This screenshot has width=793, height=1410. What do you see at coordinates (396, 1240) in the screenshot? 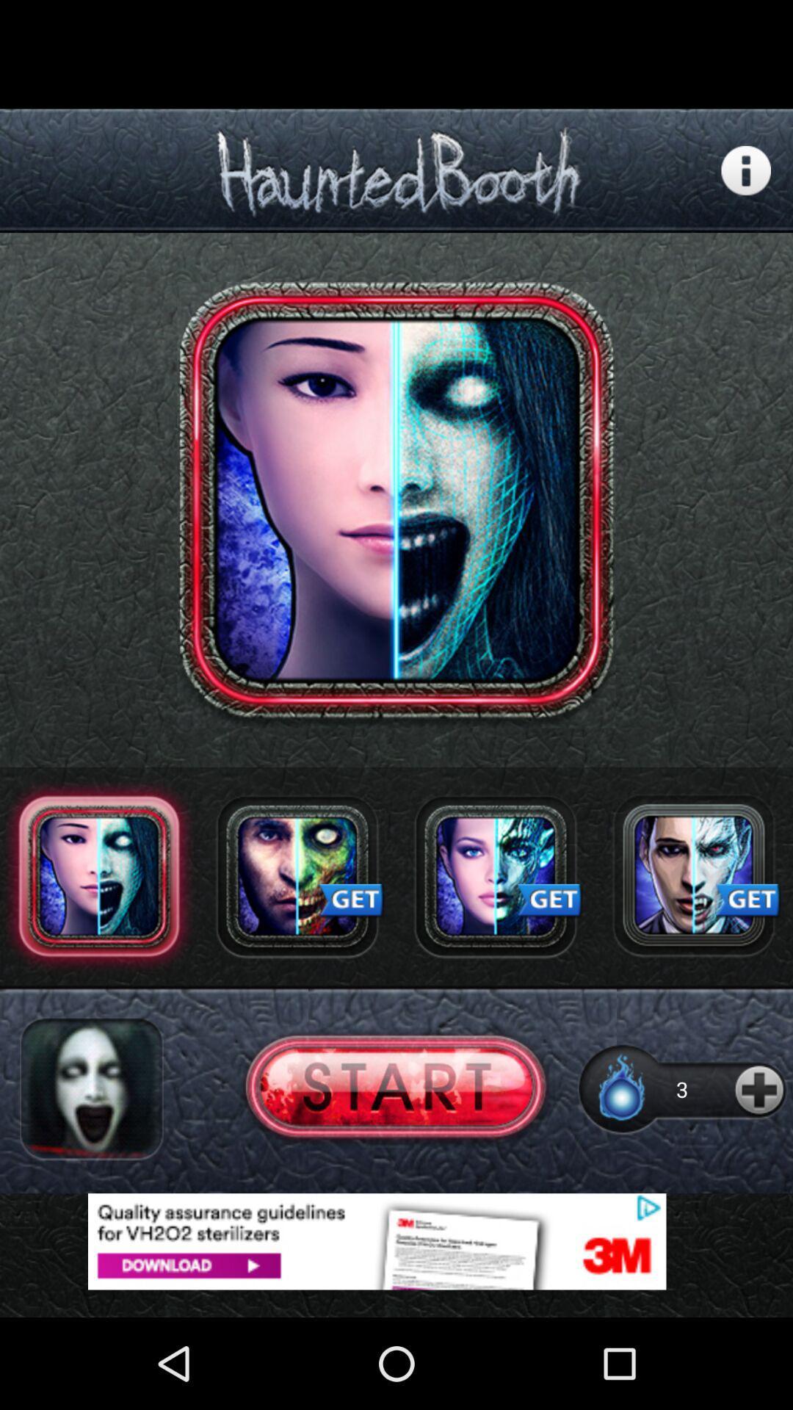
I see `display advertisement` at bounding box center [396, 1240].